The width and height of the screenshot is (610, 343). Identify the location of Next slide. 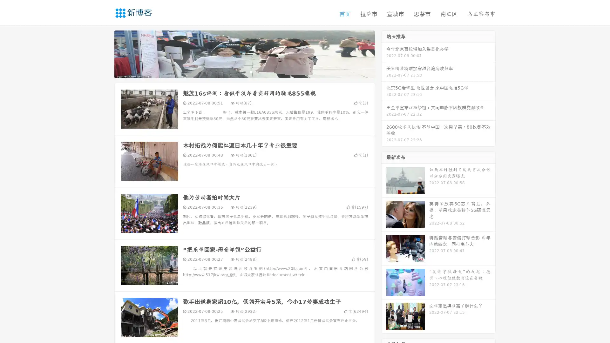
(384, 53).